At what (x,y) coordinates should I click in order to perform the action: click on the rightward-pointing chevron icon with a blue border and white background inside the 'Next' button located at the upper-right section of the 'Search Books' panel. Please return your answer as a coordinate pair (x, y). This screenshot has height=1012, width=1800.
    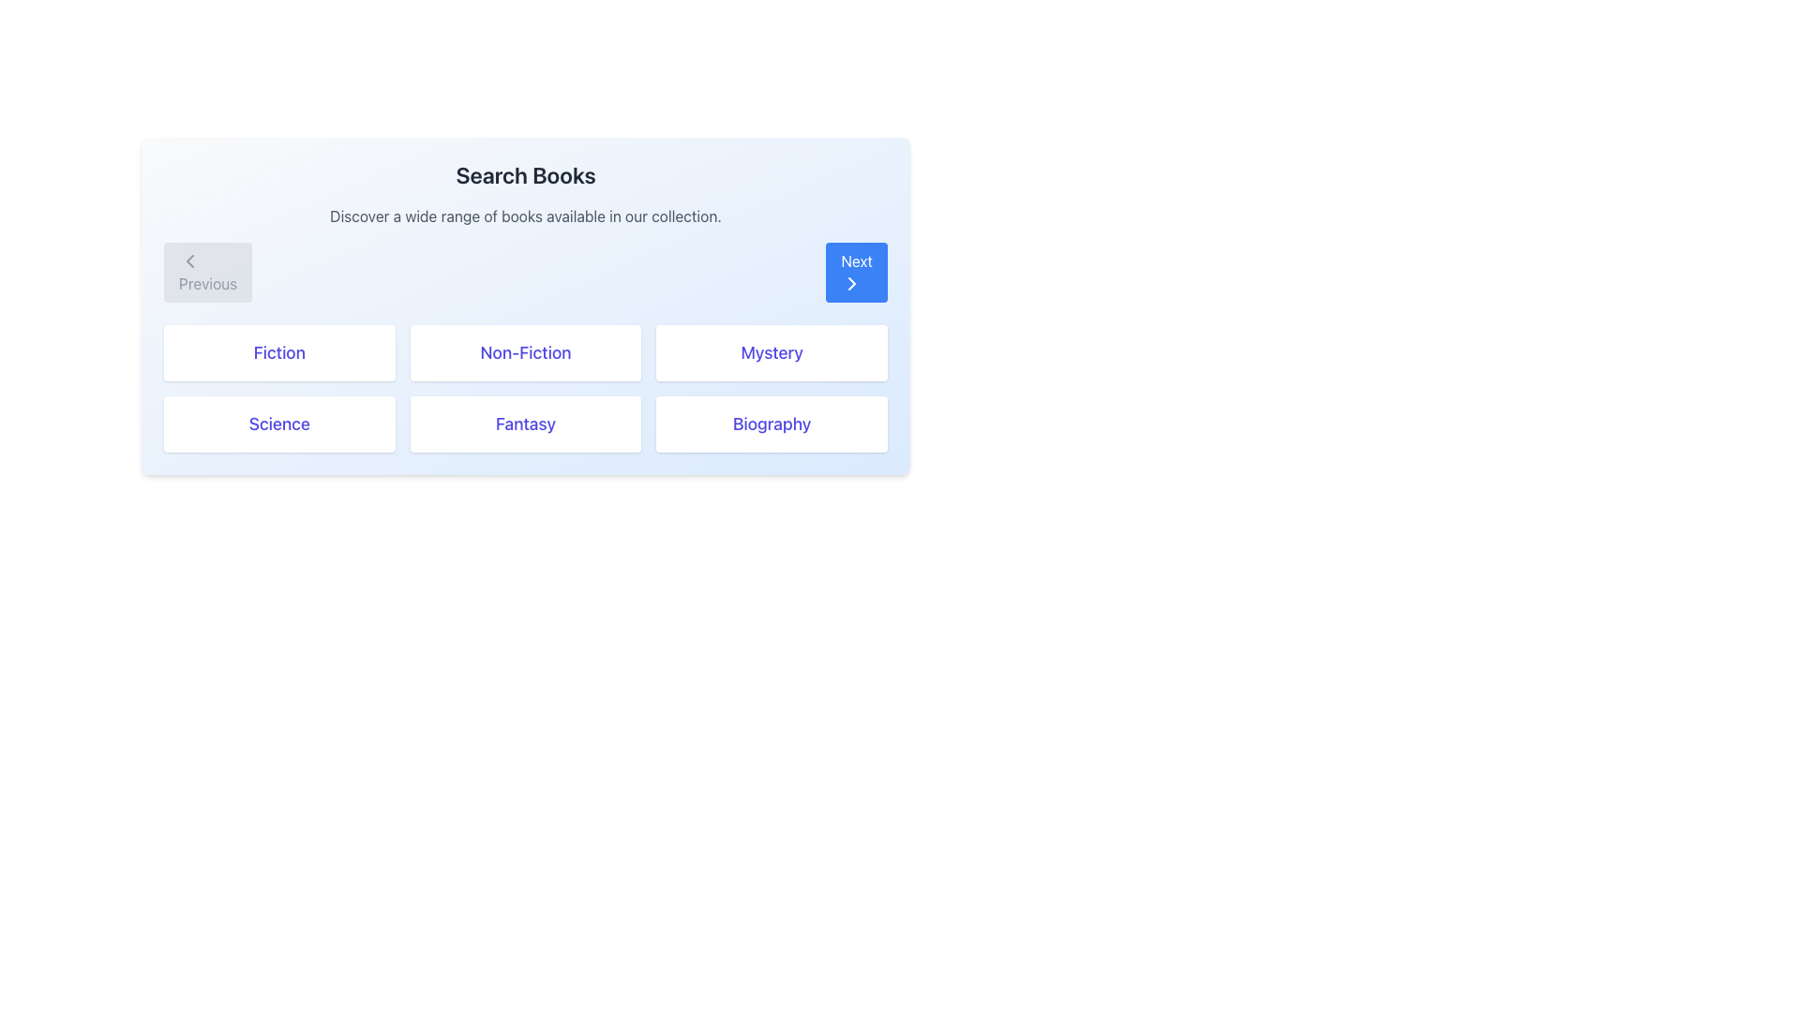
    Looking at the image, I should click on (851, 284).